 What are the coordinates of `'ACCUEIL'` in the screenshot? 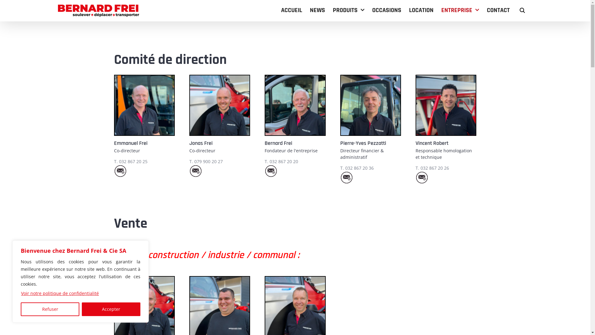 It's located at (291, 10).